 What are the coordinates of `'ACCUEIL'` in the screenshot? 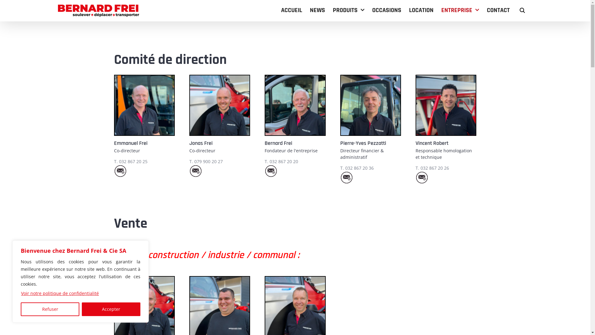 It's located at (291, 10).